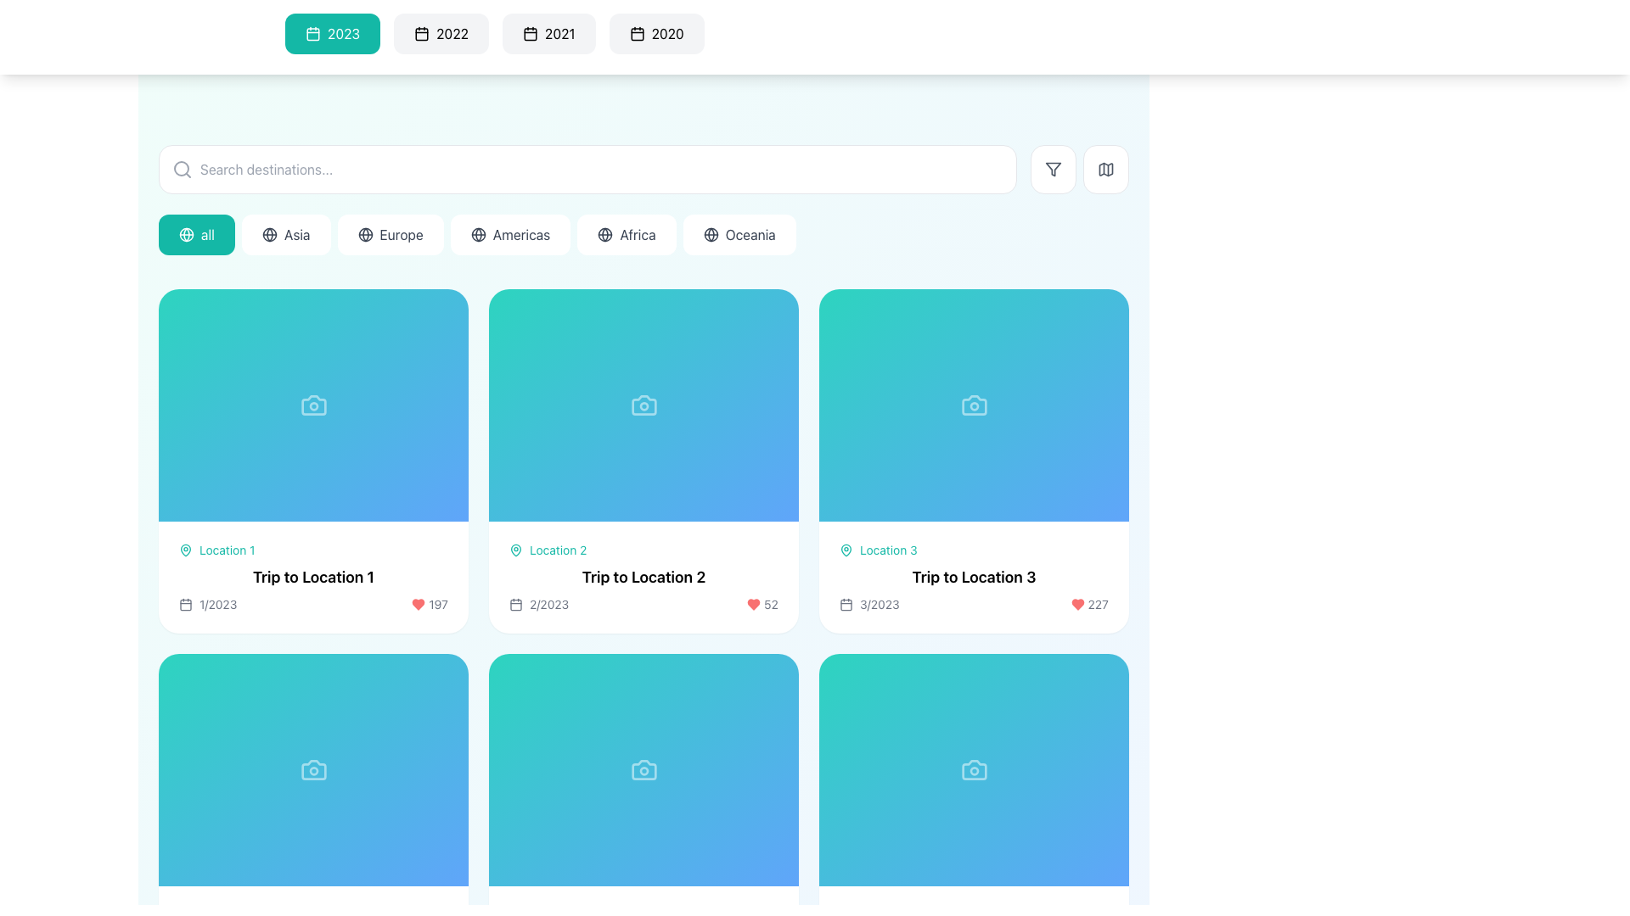 This screenshot has height=916, width=1630. What do you see at coordinates (643, 405) in the screenshot?
I see `the camera icon within the card labeled 'Trip to Location 2' which signifies photo-related content` at bounding box center [643, 405].